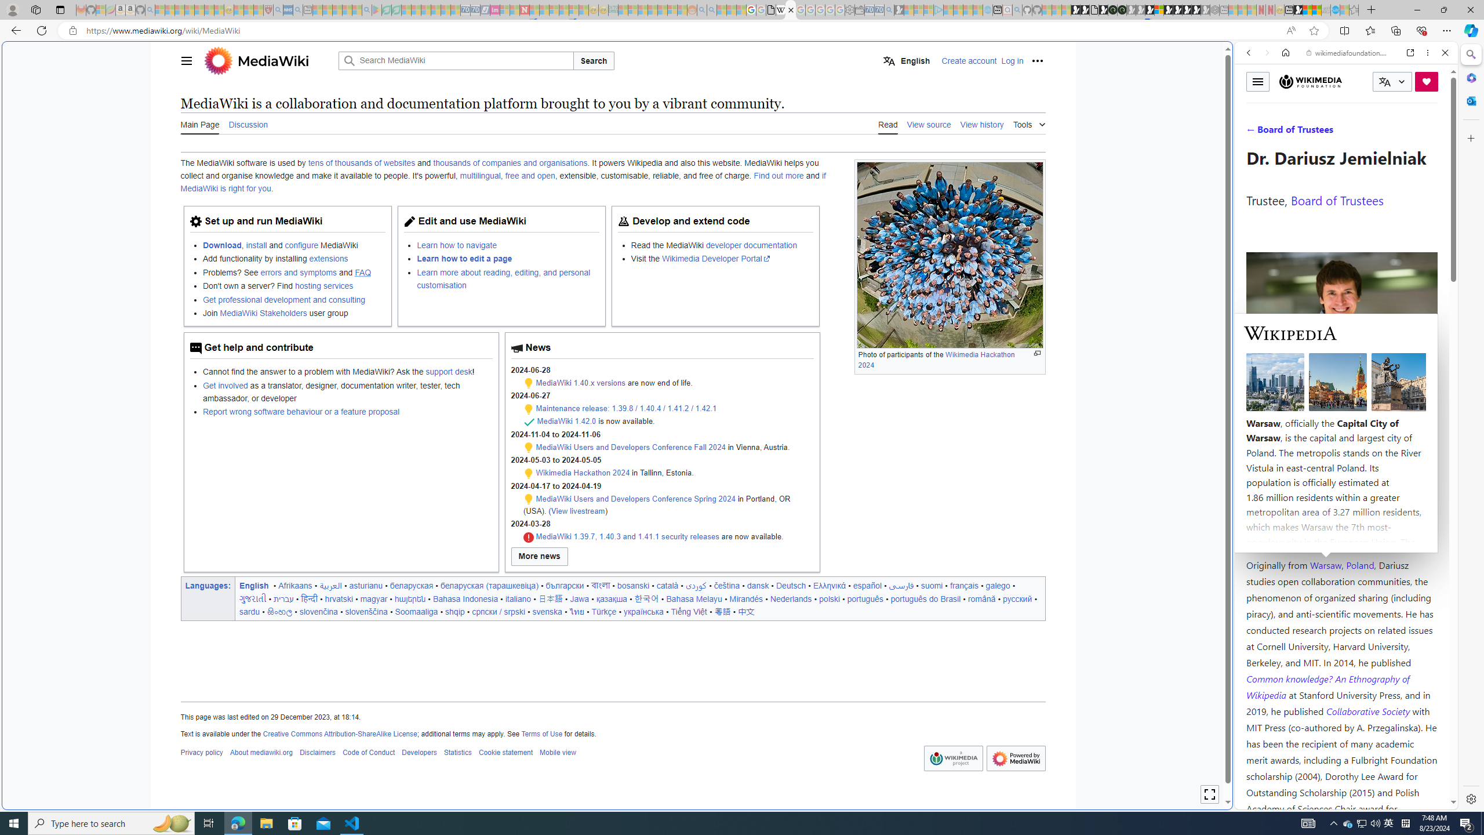  What do you see at coordinates (510, 162) in the screenshot?
I see `'thousands of companies and organisations'` at bounding box center [510, 162].